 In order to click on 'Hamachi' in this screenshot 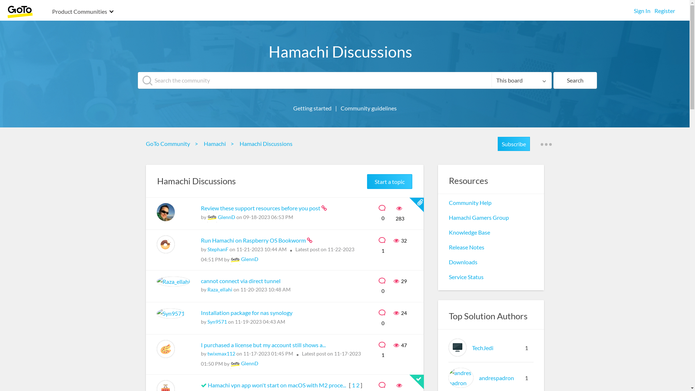, I will do `click(216, 143)`.